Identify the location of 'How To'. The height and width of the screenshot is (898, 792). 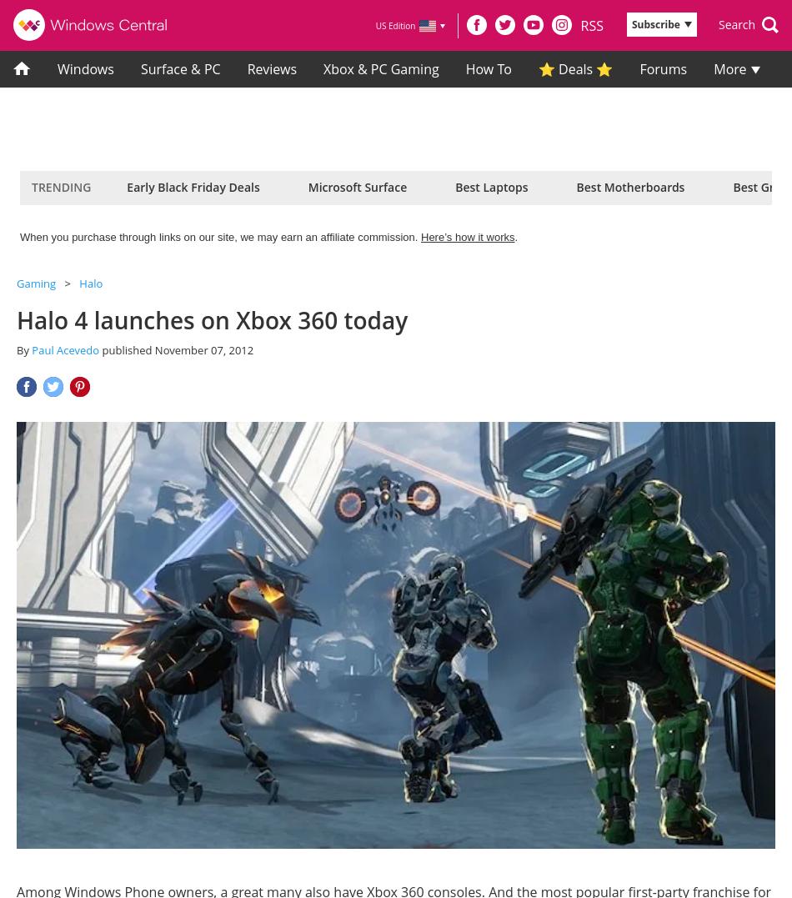
(488, 68).